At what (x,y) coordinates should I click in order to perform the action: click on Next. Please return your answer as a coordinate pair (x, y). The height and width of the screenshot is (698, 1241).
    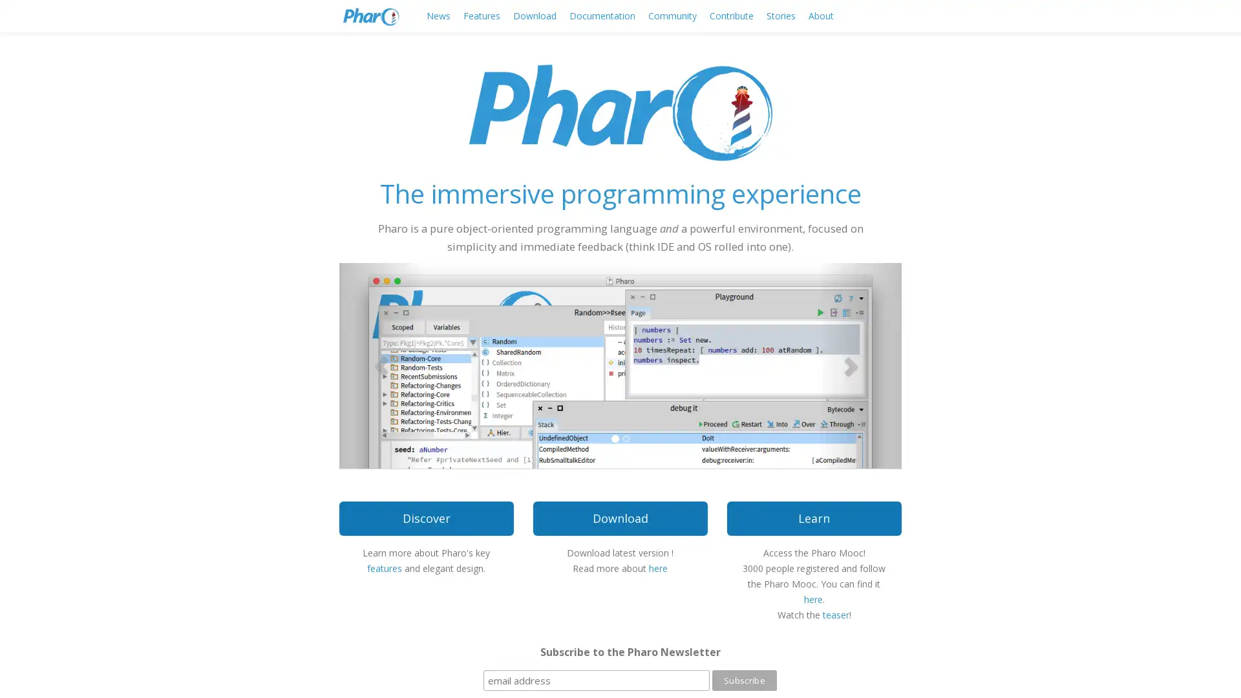
    Looking at the image, I should click on (859, 365).